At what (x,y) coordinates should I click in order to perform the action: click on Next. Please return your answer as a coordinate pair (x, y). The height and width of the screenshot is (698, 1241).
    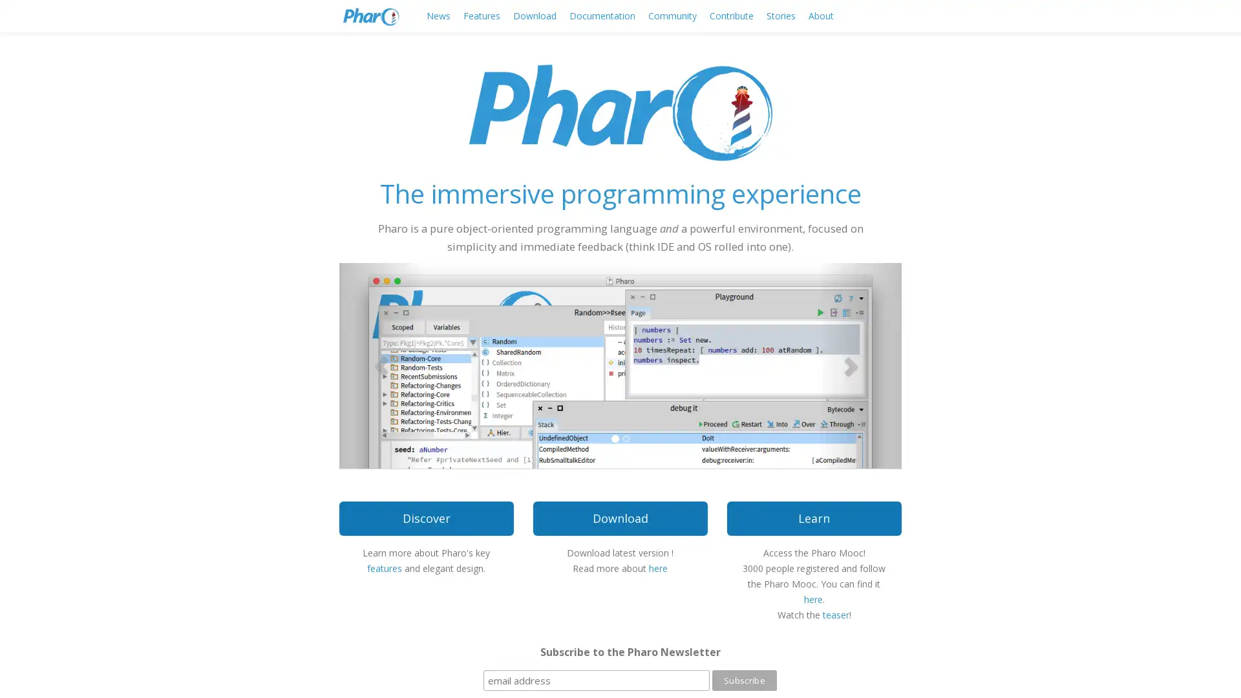
    Looking at the image, I should click on (859, 365).